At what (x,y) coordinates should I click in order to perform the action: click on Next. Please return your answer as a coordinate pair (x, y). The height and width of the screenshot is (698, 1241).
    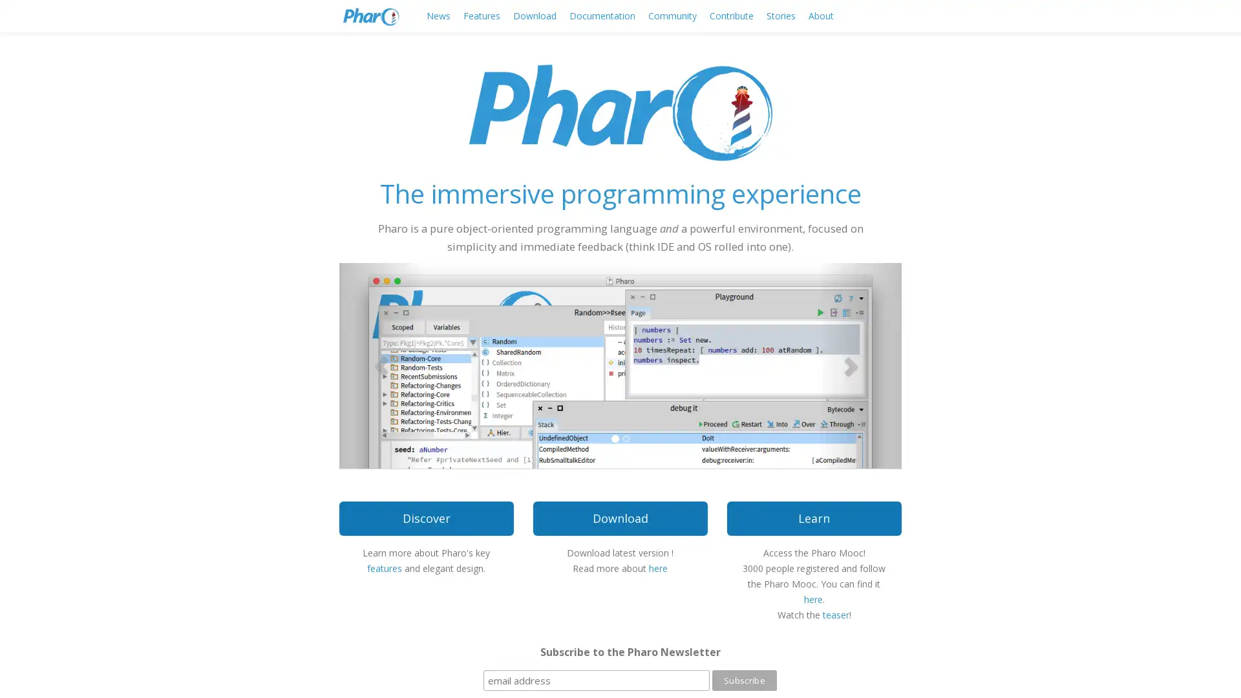
    Looking at the image, I should click on (859, 365).